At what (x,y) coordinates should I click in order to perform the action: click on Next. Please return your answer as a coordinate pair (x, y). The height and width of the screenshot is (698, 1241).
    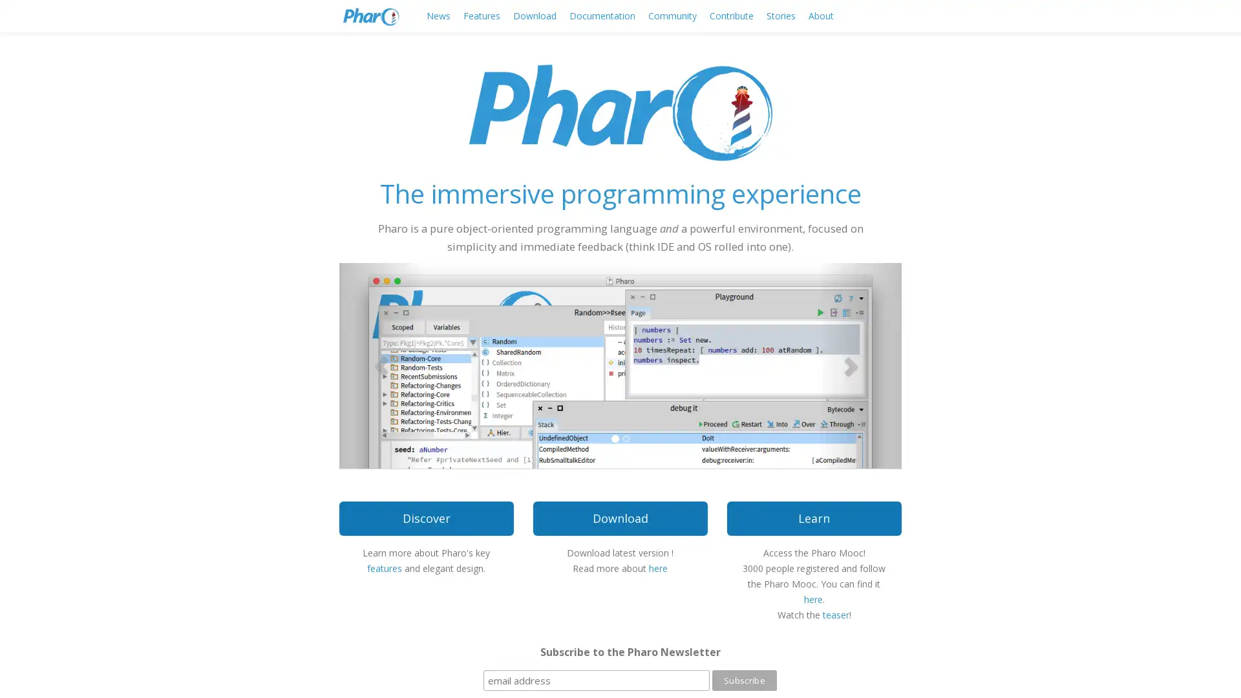
    Looking at the image, I should click on (859, 365).